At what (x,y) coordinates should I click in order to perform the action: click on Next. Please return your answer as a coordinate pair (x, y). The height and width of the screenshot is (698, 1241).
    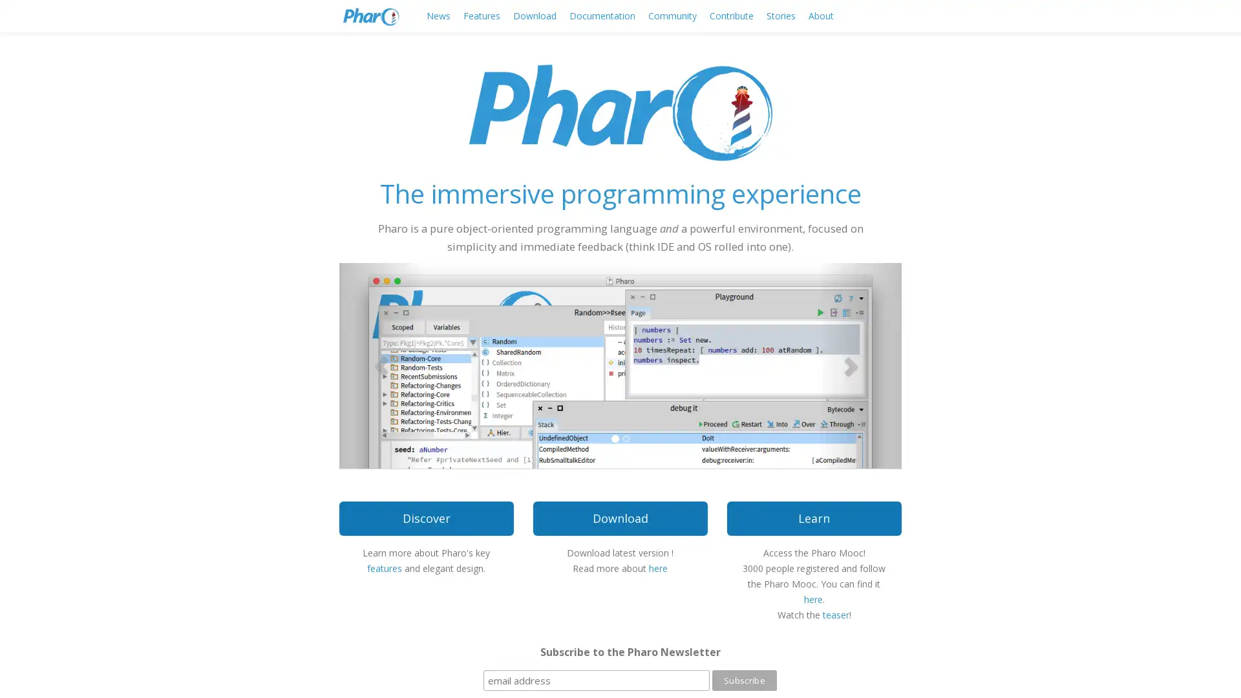
    Looking at the image, I should click on (859, 365).